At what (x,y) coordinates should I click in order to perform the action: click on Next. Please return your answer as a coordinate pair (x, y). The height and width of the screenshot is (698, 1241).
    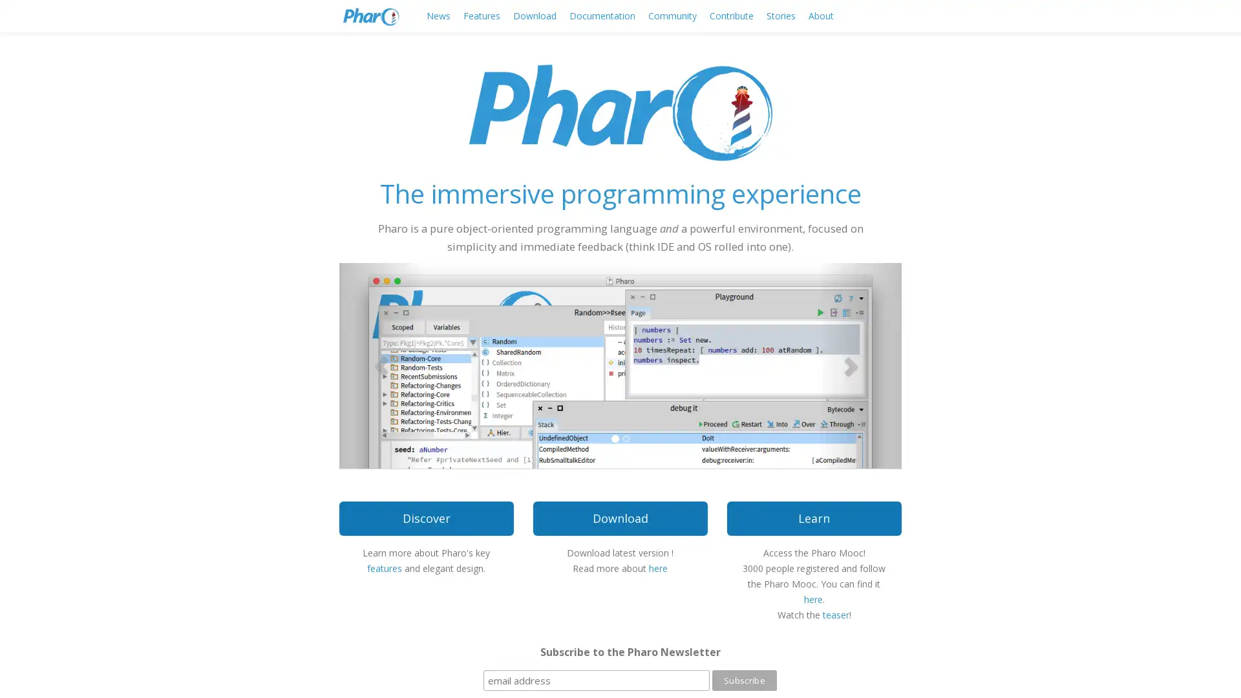
    Looking at the image, I should click on (859, 365).